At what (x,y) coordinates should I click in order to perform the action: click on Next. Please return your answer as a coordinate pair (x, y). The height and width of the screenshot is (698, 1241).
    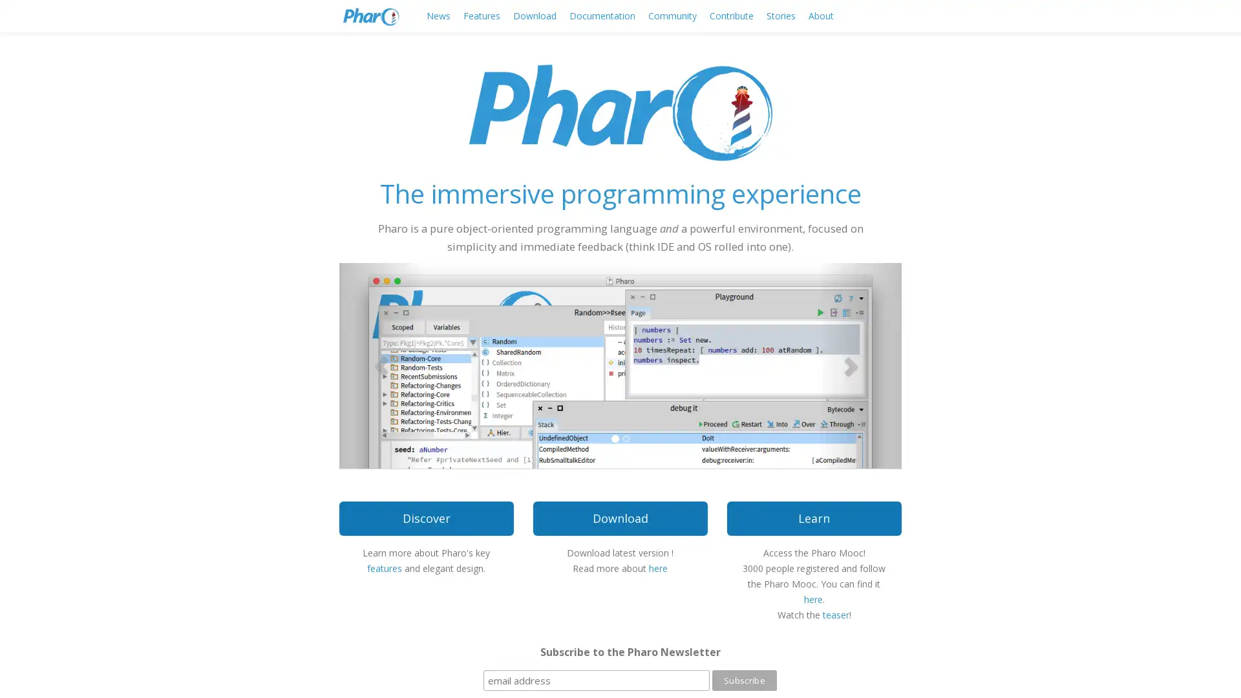
    Looking at the image, I should click on (859, 365).